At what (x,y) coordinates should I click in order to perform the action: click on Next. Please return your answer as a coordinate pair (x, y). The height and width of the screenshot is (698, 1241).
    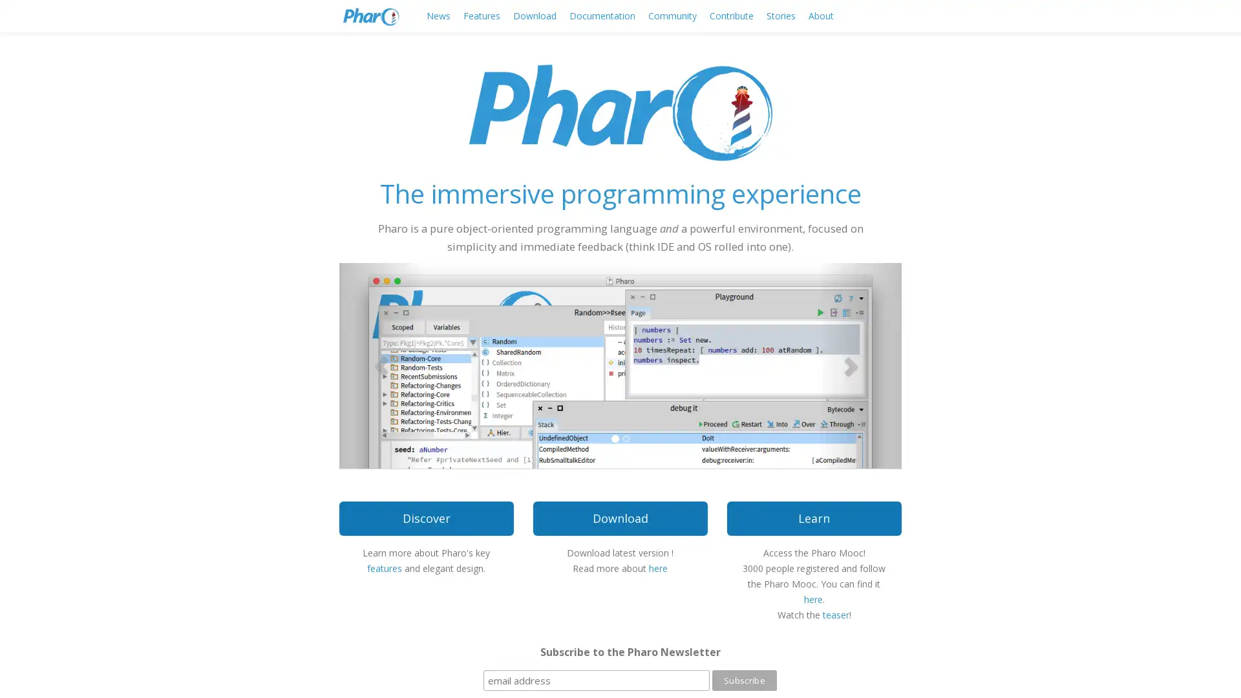
    Looking at the image, I should click on (859, 365).